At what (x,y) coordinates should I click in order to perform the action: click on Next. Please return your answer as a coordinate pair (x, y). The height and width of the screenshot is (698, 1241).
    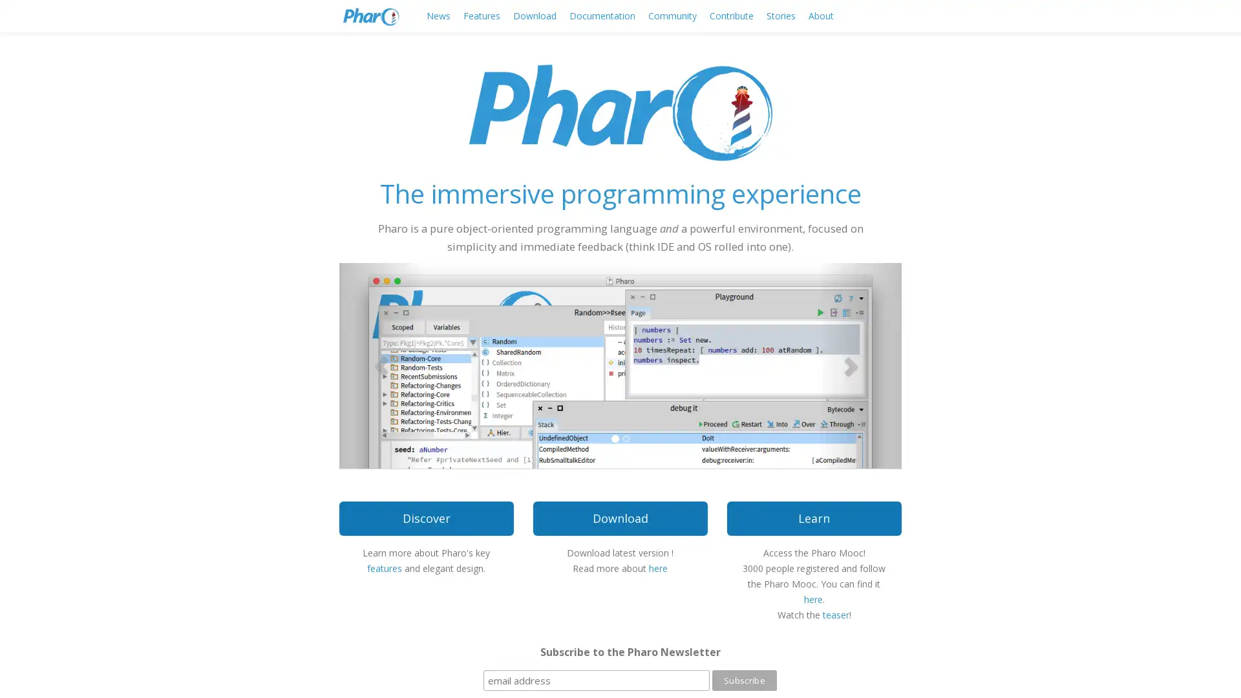
    Looking at the image, I should click on (859, 365).